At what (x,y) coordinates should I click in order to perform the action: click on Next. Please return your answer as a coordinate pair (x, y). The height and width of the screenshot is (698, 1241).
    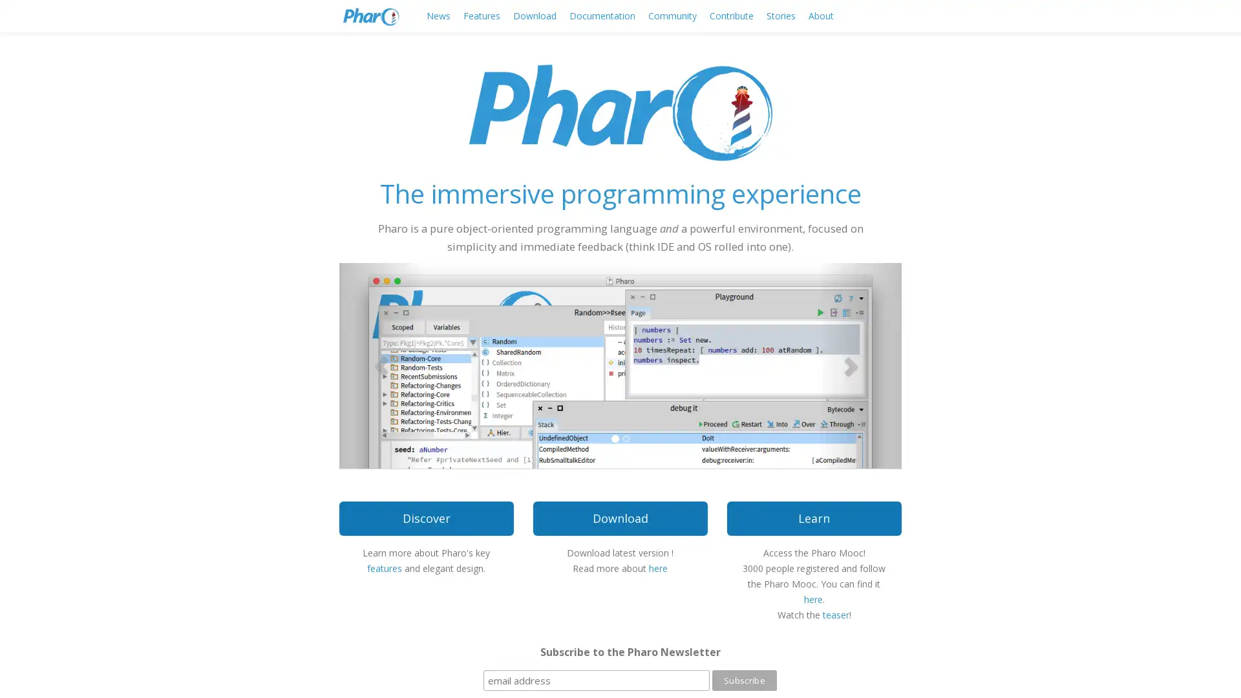
    Looking at the image, I should click on (859, 365).